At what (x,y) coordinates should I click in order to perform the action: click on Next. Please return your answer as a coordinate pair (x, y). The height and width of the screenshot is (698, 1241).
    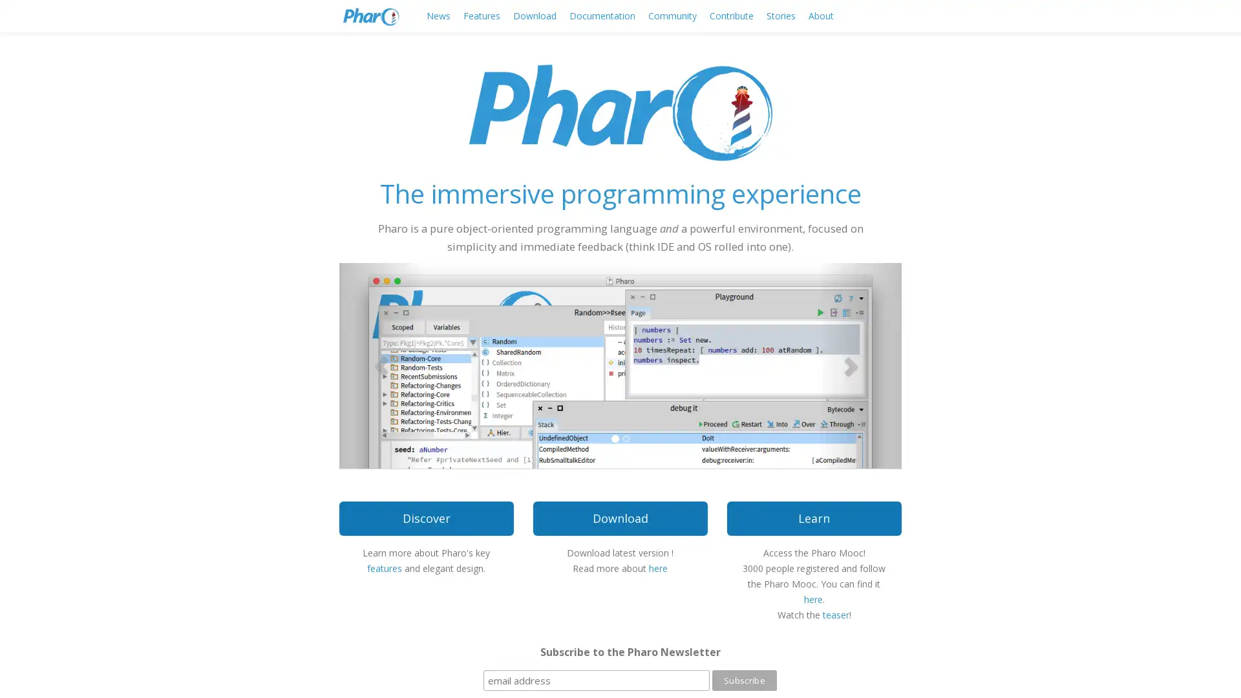
    Looking at the image, I should click on (859, 365).